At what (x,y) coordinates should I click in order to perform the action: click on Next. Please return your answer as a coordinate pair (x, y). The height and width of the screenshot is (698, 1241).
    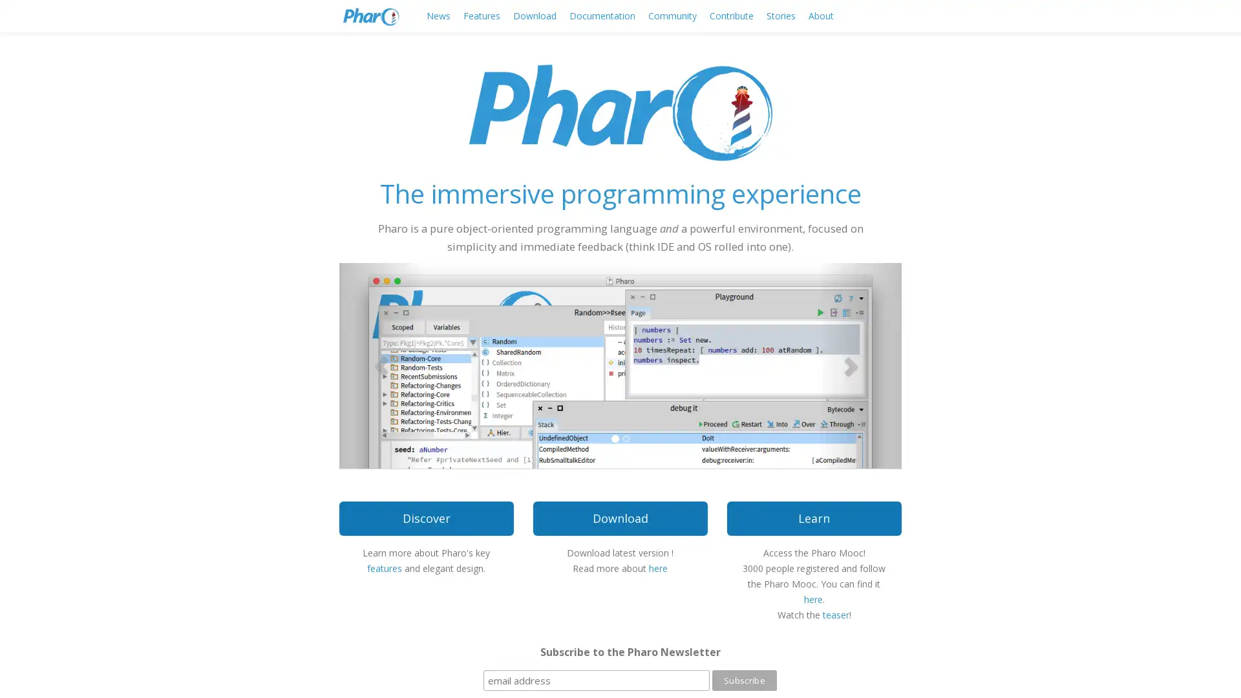
    Looking at the image, I should click on (859, 365).